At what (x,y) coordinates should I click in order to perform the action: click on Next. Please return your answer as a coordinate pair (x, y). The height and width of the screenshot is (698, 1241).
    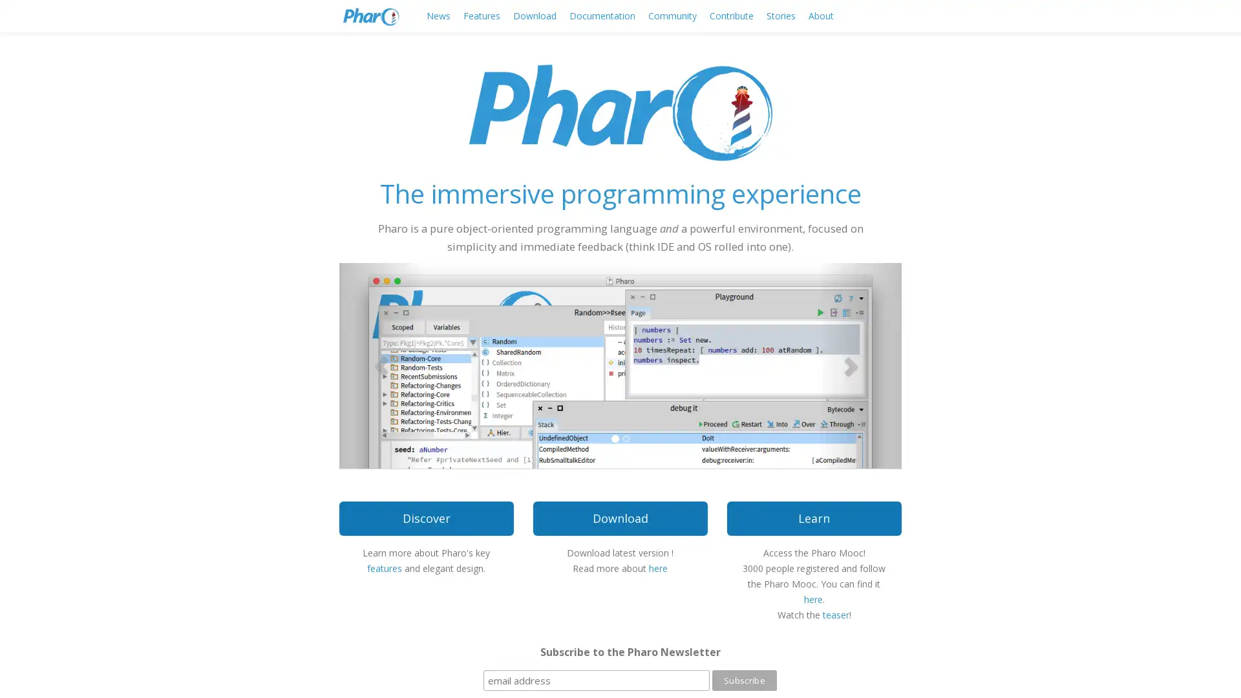
    Looking at the image, I should click on (859, 365).